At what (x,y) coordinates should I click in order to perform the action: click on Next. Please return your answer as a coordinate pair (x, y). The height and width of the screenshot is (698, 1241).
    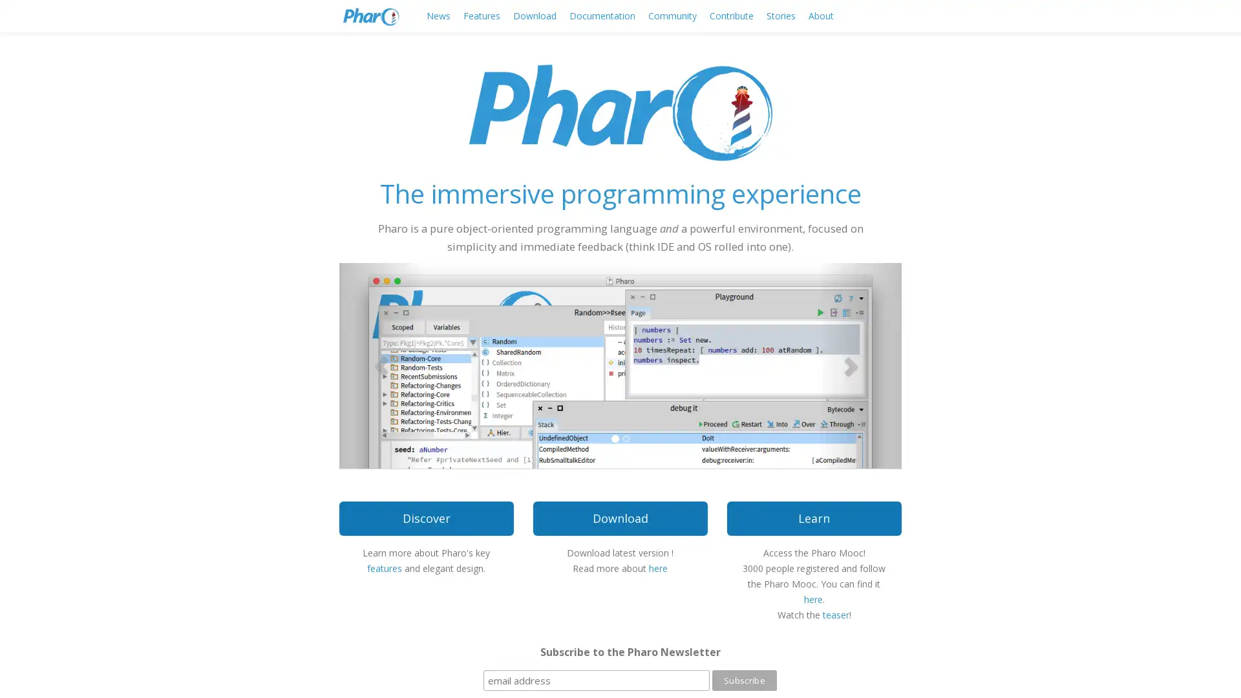
    Looking at the image, I should click on (859, 365).